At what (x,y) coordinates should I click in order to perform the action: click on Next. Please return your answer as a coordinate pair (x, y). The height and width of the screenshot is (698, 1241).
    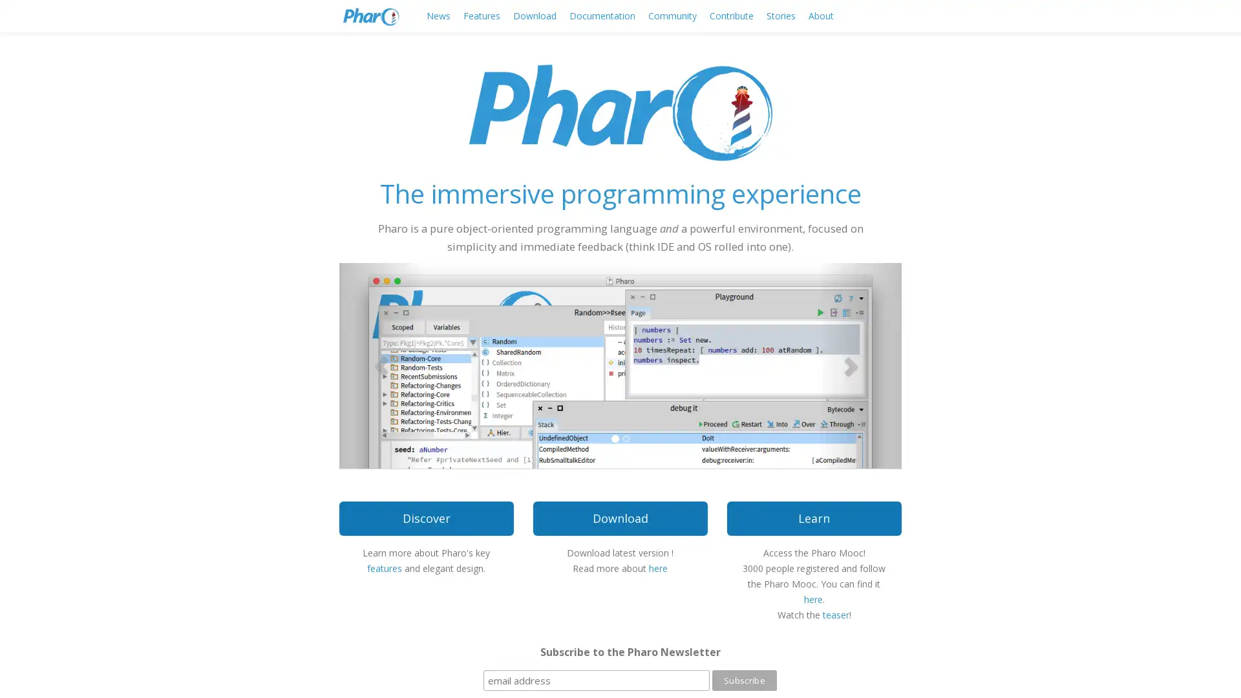
    Looking at the image, I should click on (859, 365).